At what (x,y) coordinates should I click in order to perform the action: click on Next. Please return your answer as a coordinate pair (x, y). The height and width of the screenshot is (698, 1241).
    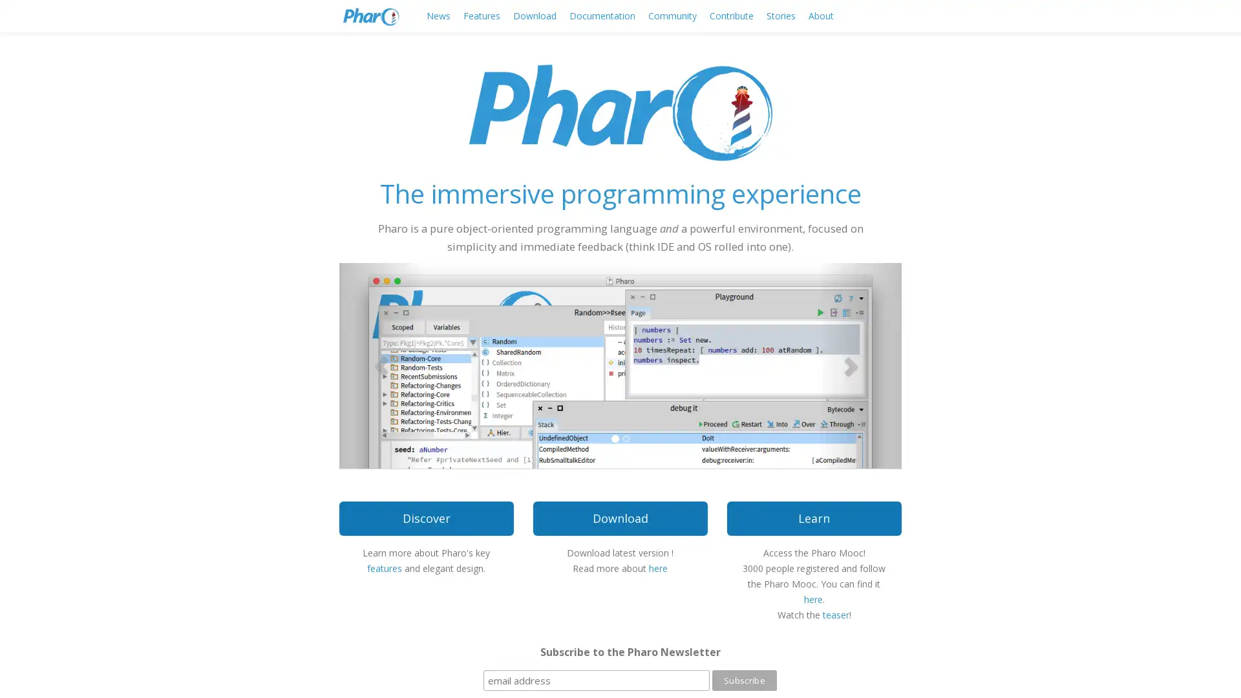
    Looking at the image, I should click on (859, 365).